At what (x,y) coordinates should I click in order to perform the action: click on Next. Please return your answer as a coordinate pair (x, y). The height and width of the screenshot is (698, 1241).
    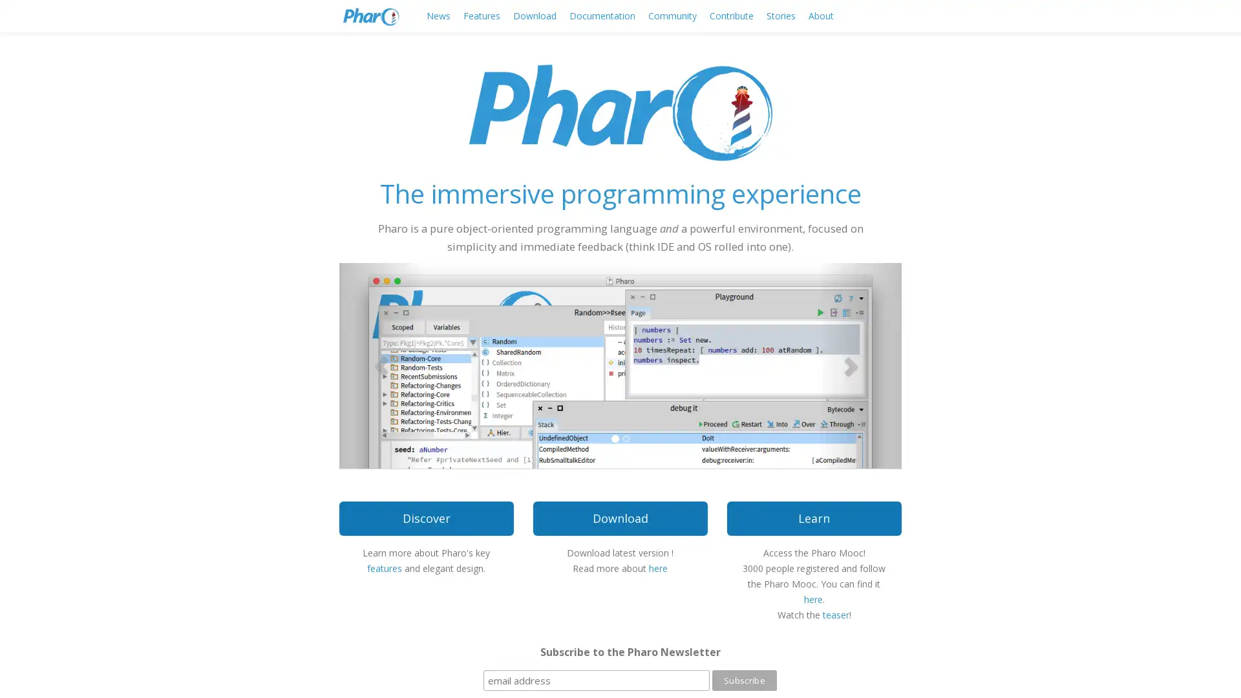
    Looking at the image, I should click on (859, 365).